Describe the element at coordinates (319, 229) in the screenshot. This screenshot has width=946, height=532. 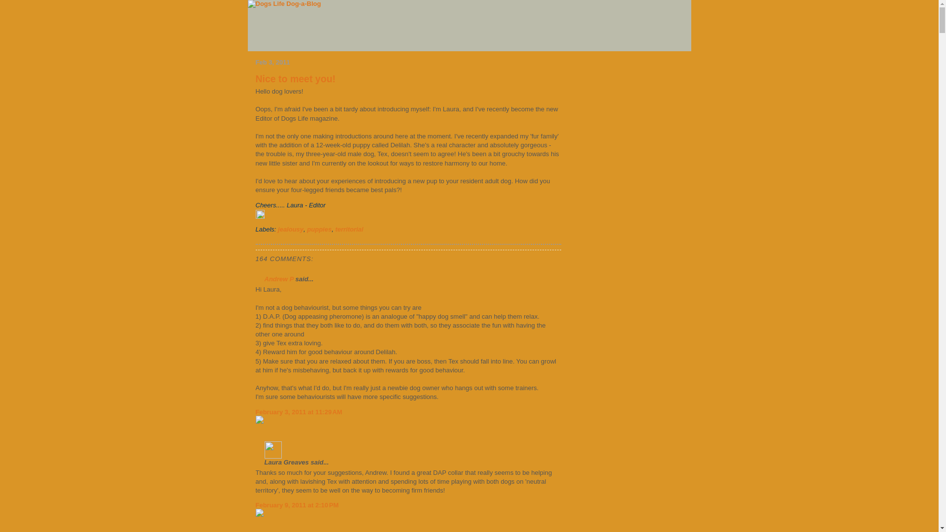
I see `'puppies'` at that location.